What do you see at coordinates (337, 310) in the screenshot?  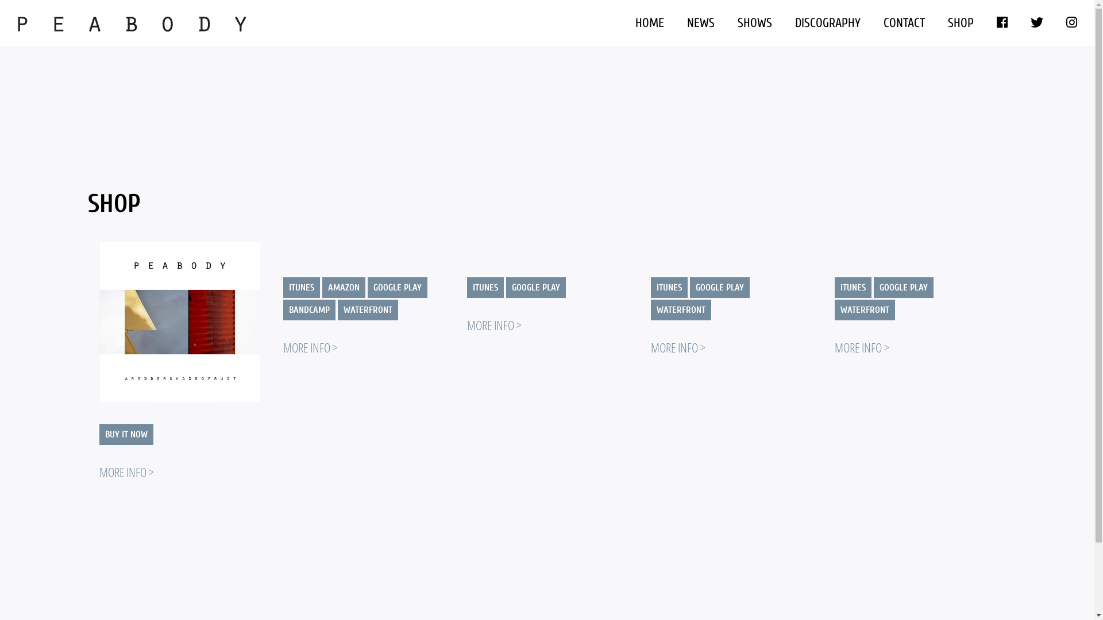 I see `'WATERFRONT'` at bounding box center [337, 310].